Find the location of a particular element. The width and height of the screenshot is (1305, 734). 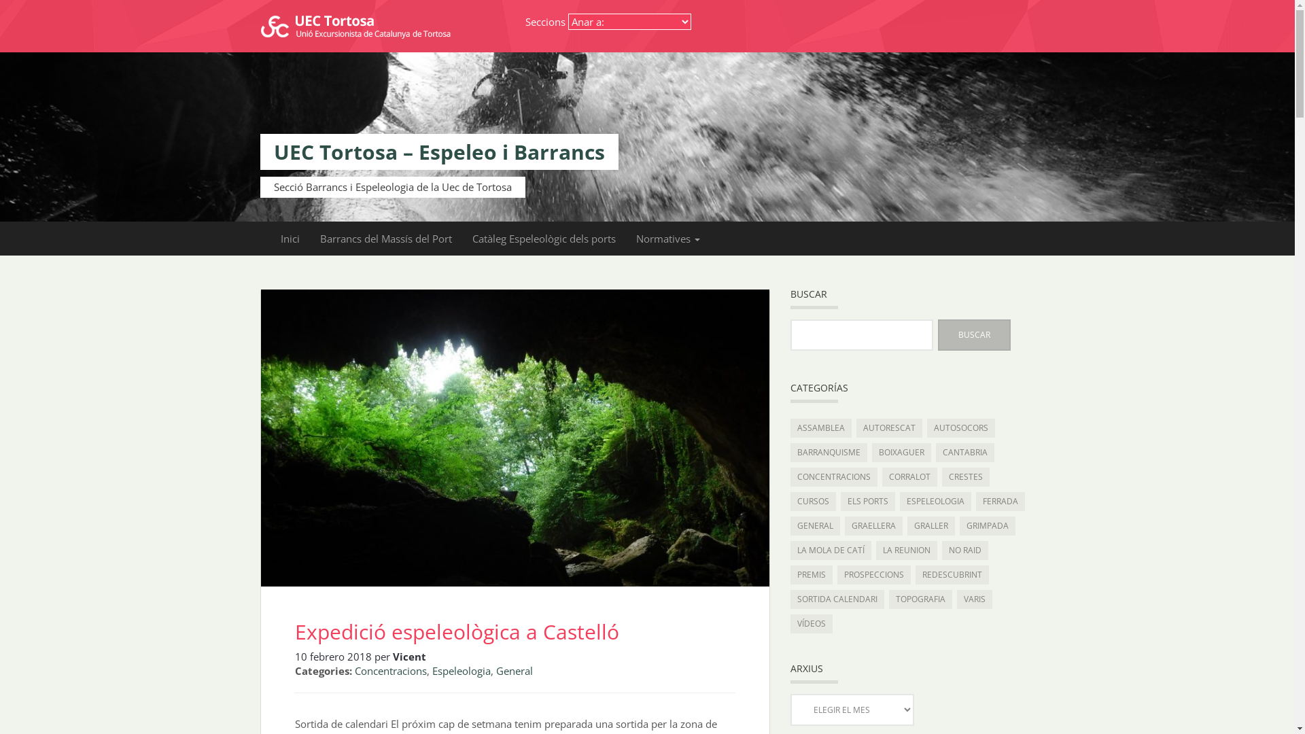

'General' is located at coordinates (514, 670).